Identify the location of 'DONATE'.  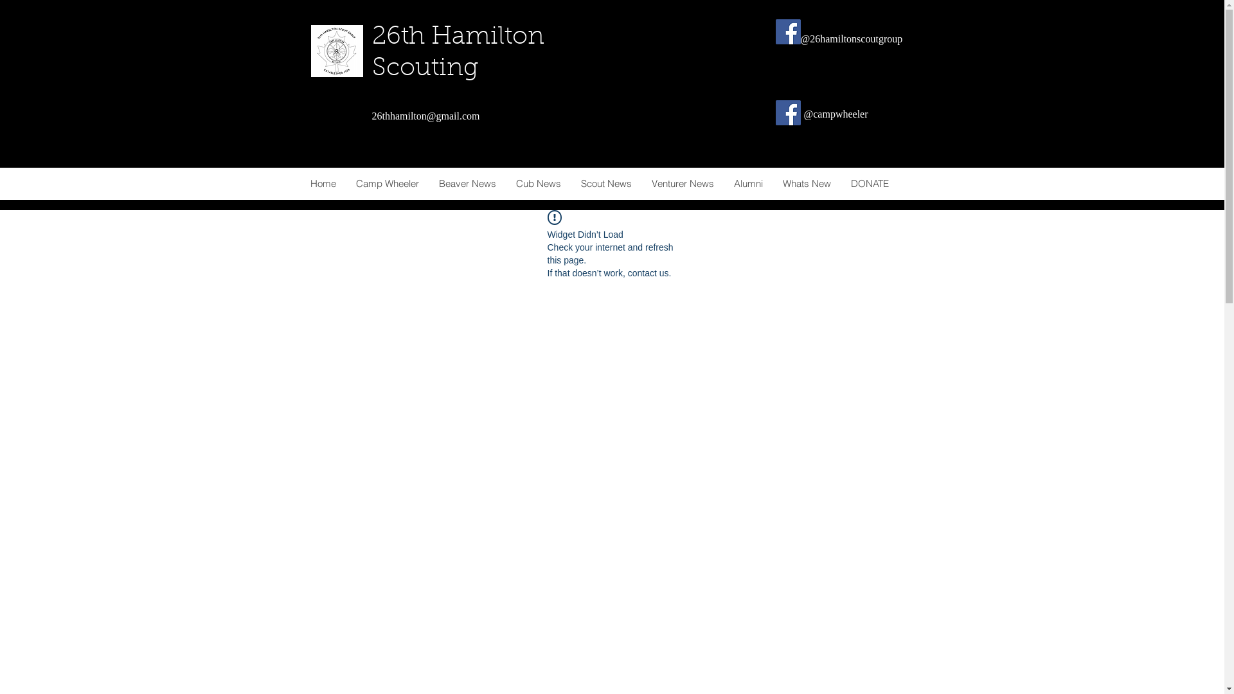
(870, 183).